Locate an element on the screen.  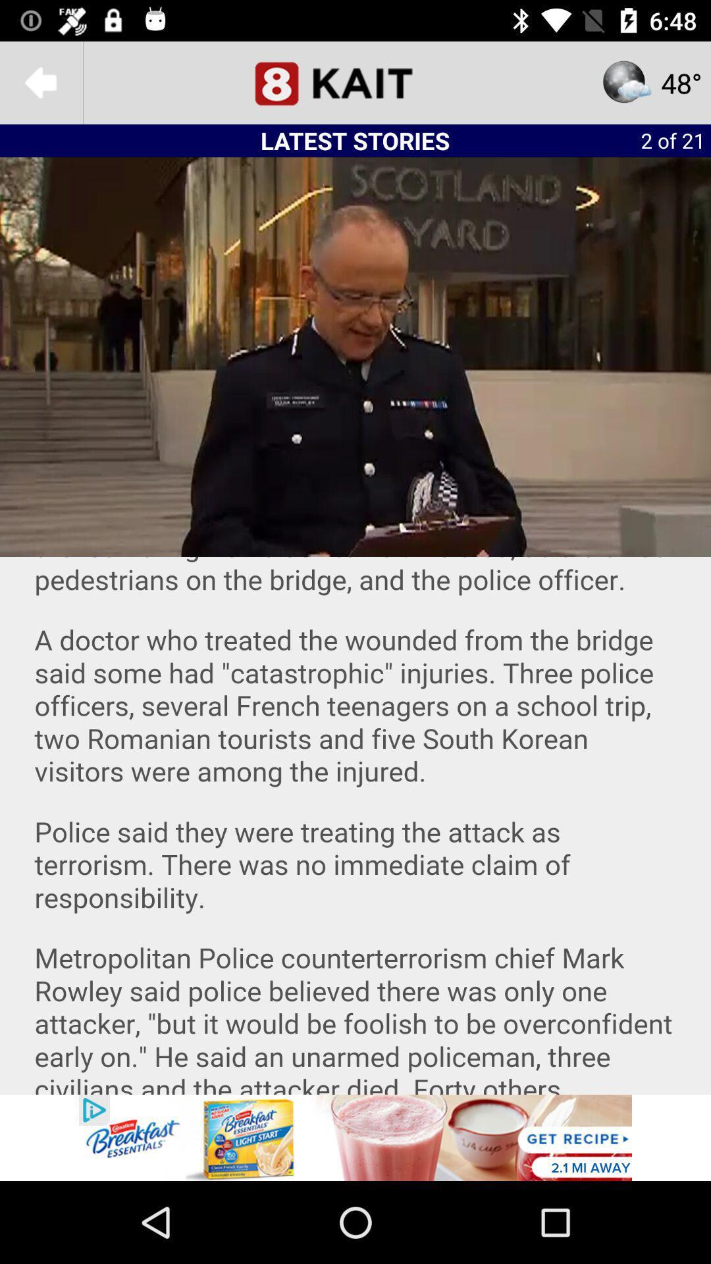
go back is located at coordinates (40, 82).